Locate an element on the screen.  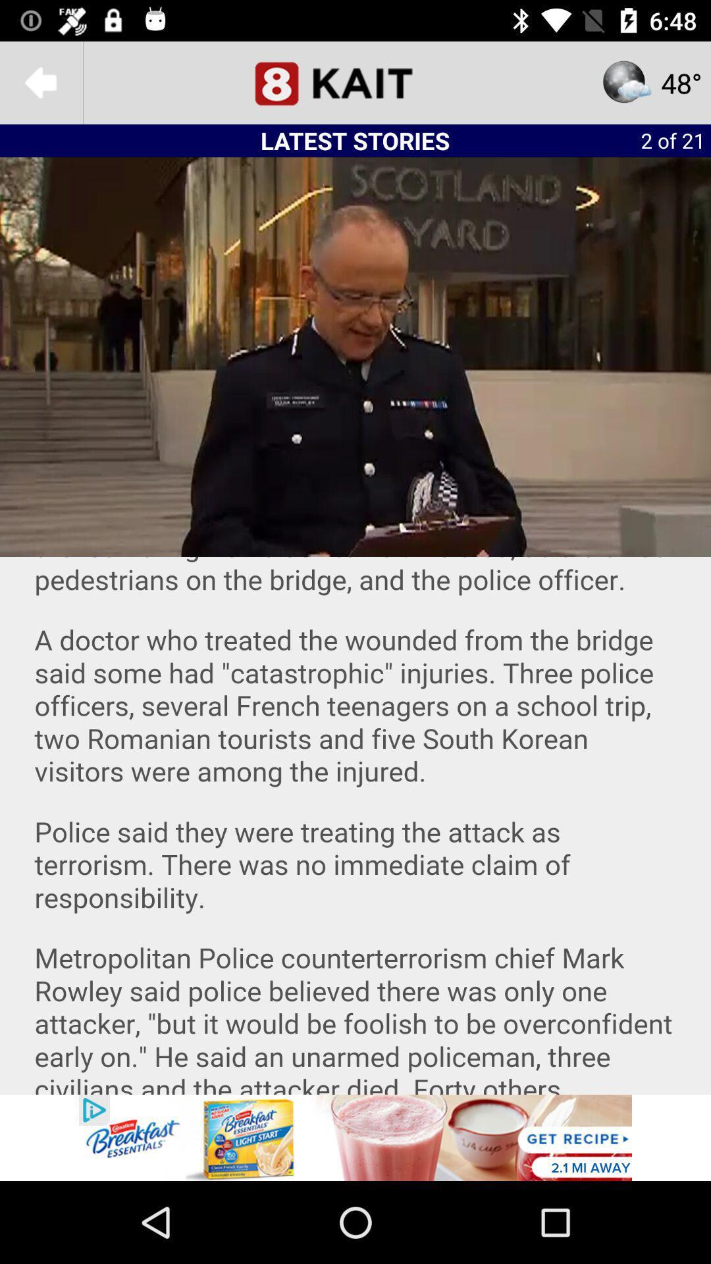
go back is located at coordinates (40, 82).